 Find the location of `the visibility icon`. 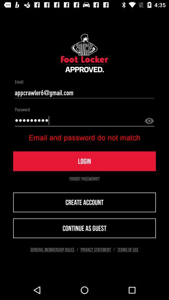

the visibility icon is located at coordinates (149, 121).